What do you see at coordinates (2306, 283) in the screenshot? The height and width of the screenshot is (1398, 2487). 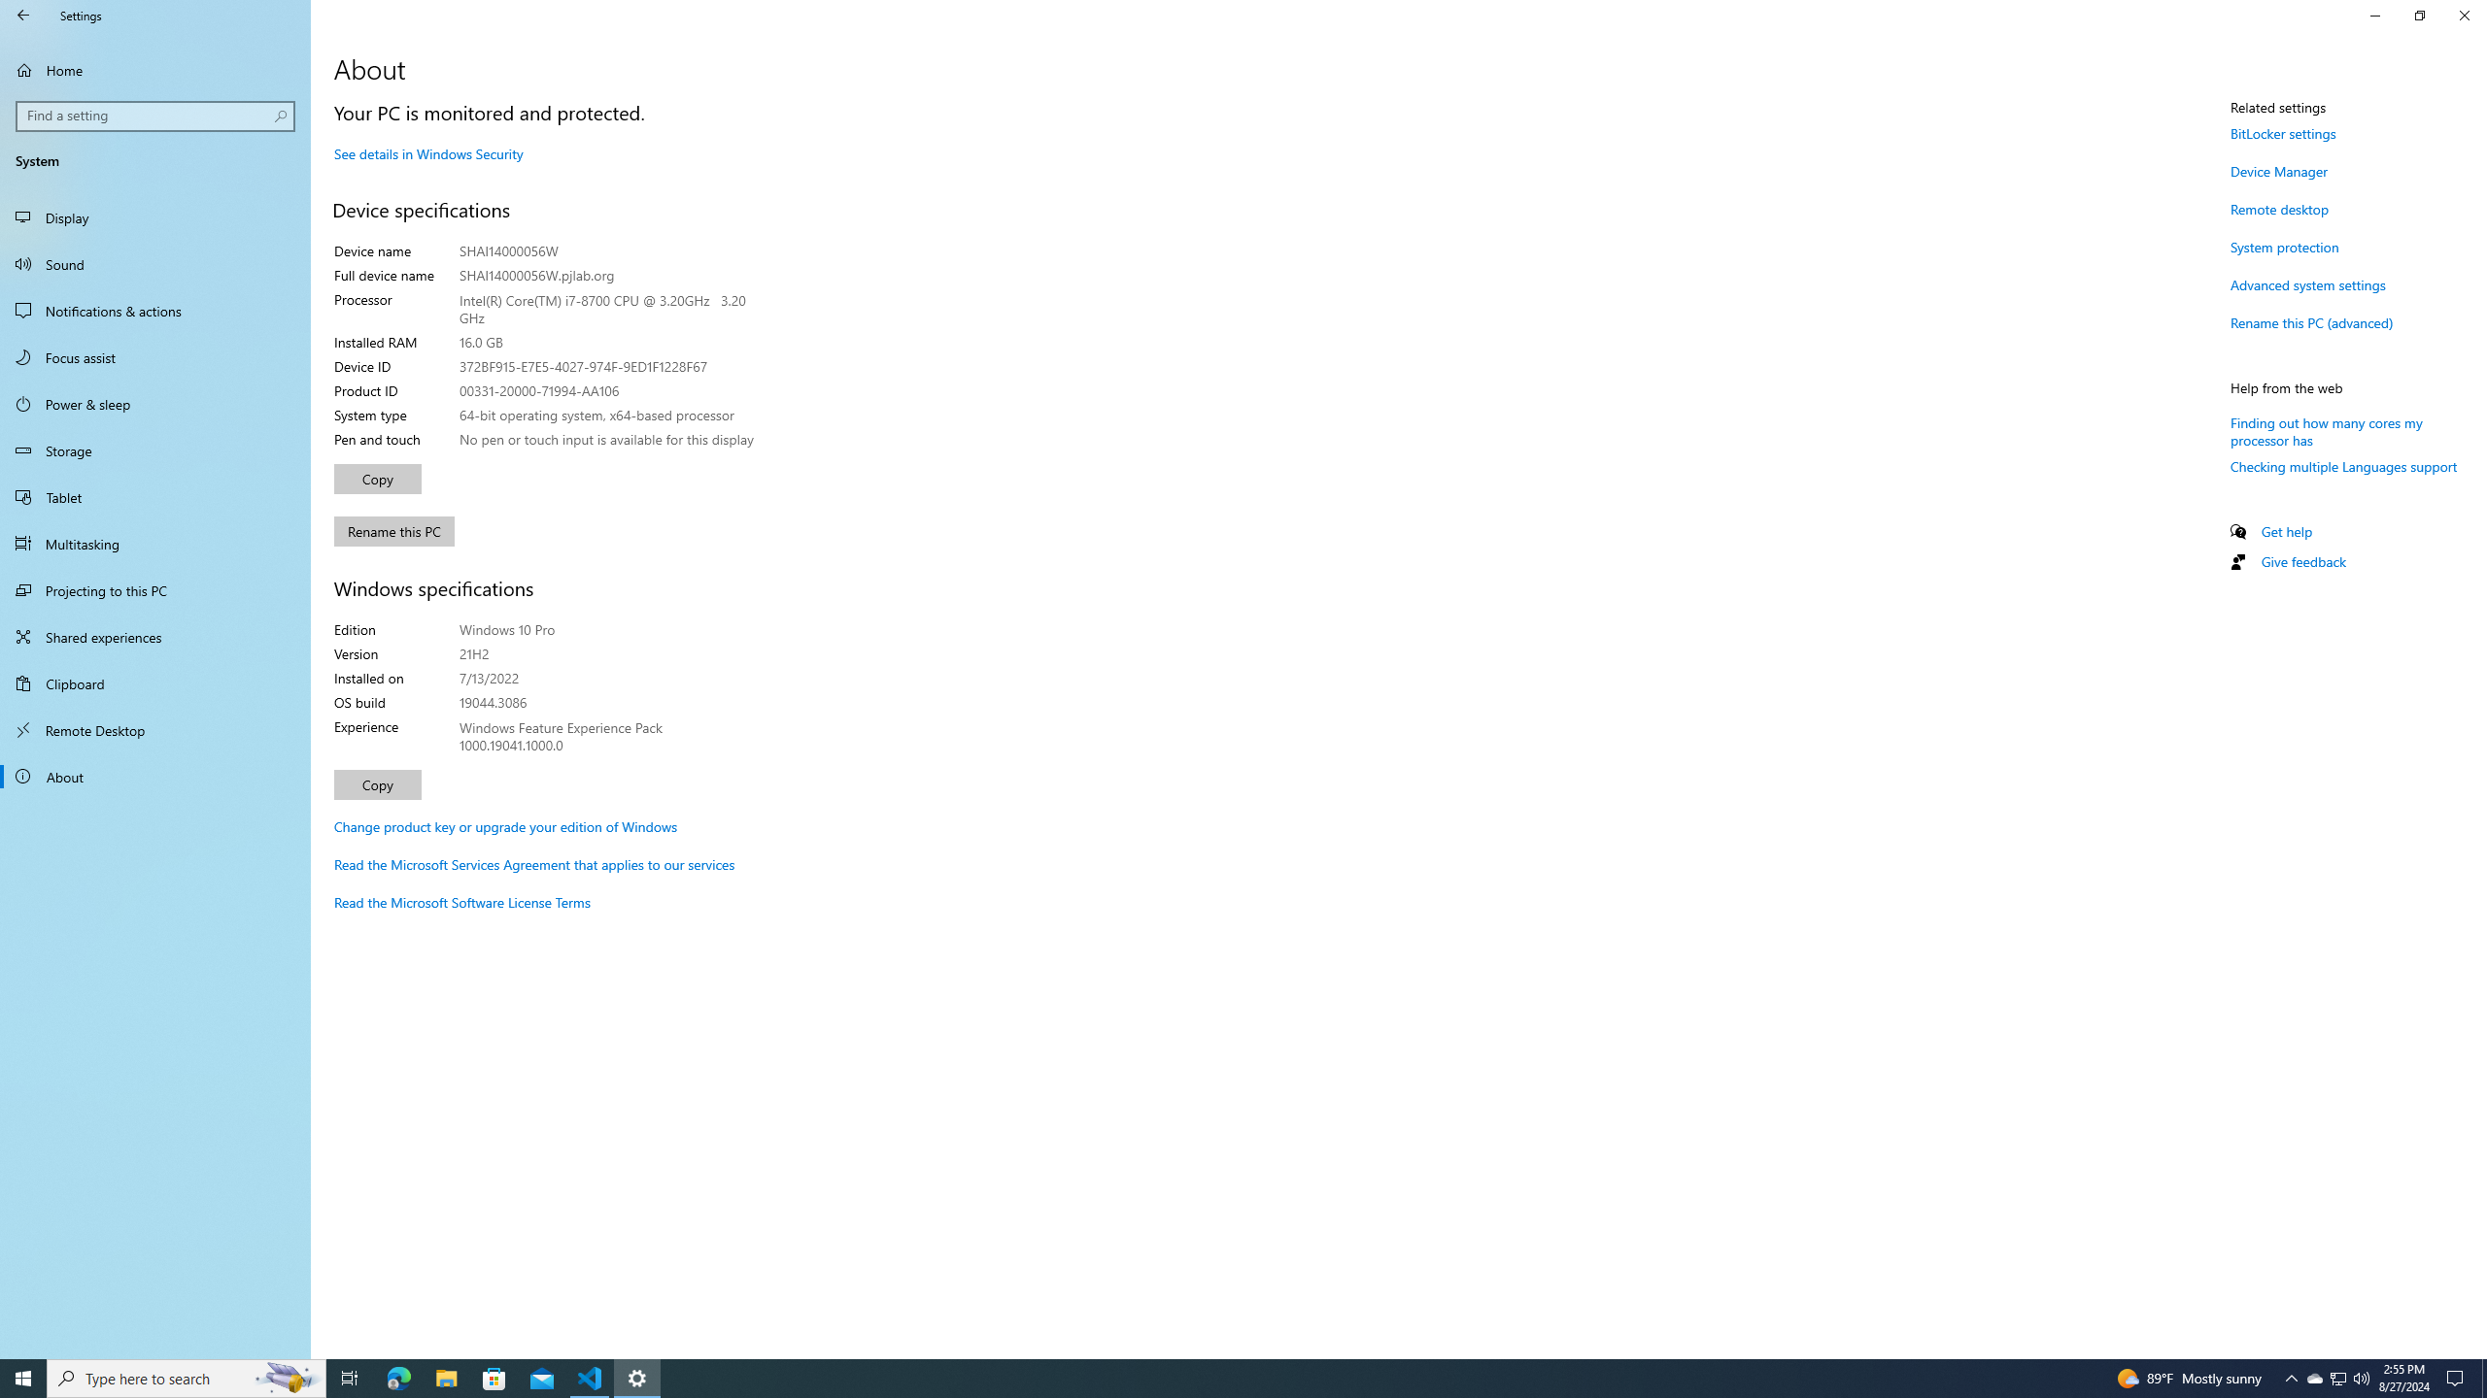 I see `'Advanced system settings'` at bounding box center [2306, 283].